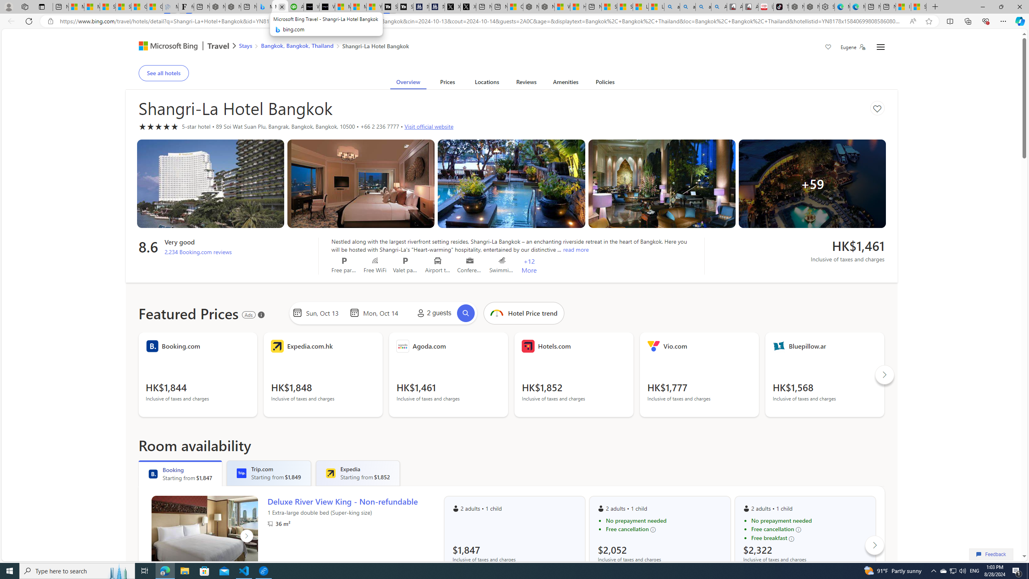 The height and width of the screenshot is (579, 1029). Describe the element at coordinates (164, 72) in the screenshot. I see `'See all hotels'` at that location.